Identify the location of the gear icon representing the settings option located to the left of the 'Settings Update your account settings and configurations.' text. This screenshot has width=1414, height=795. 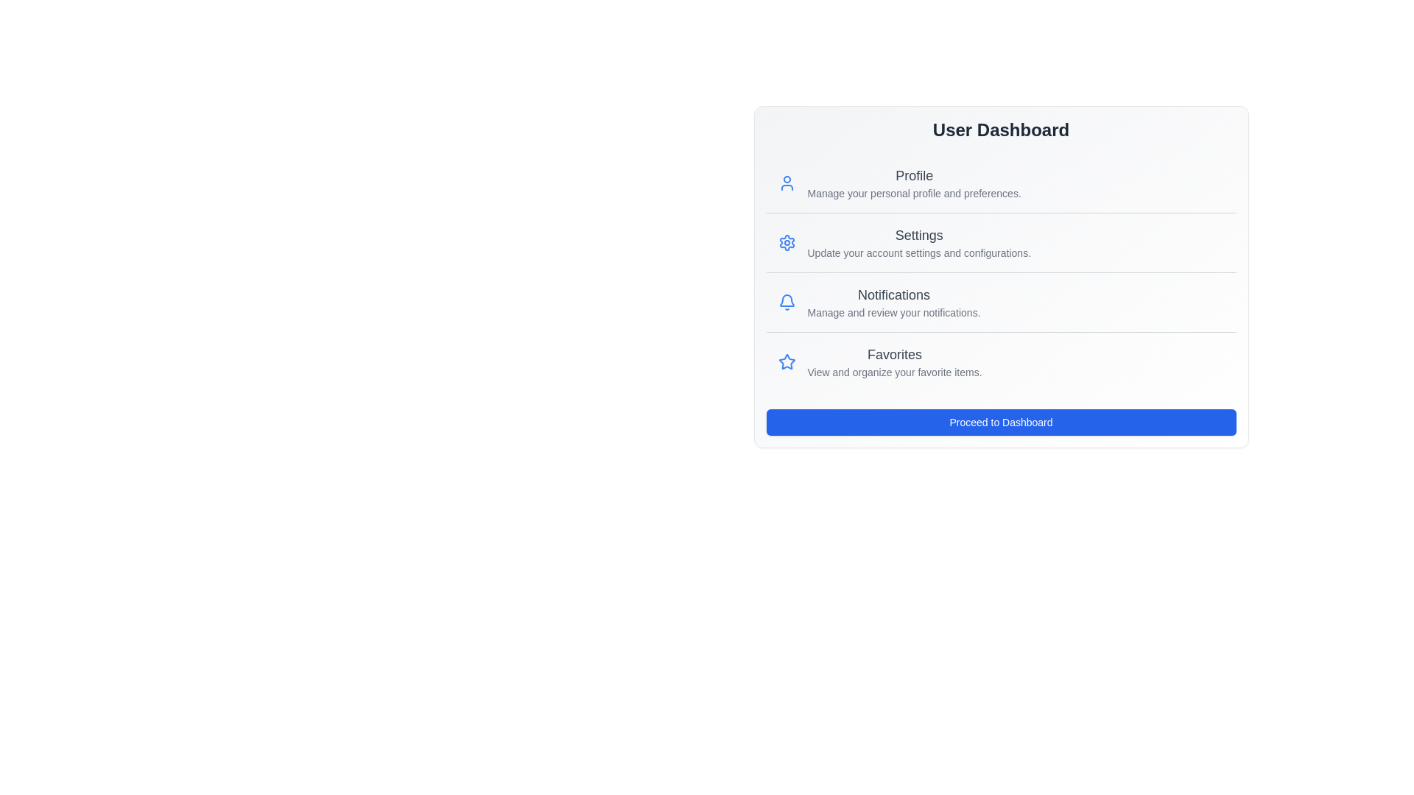
(786, 242).